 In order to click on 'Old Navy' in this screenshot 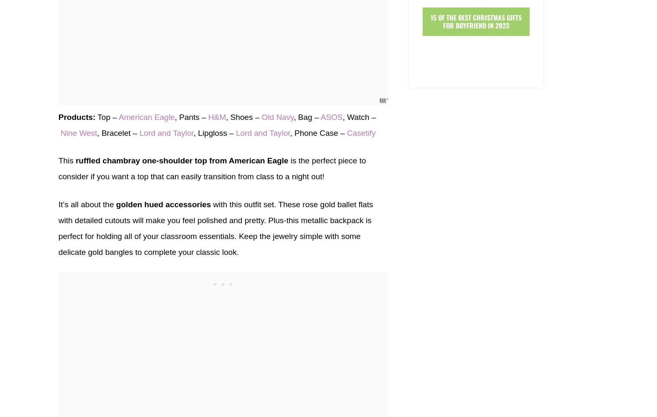, I will do `click(261, 116)`.